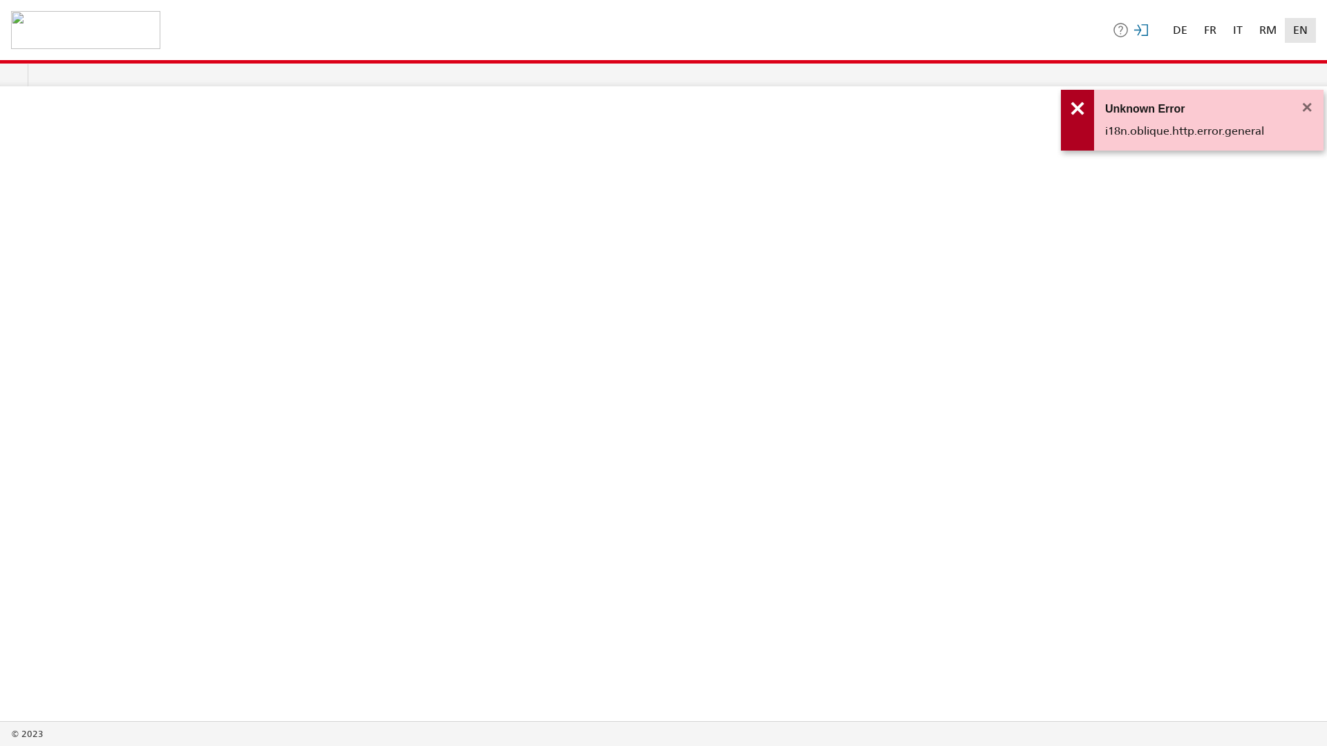  I want to click on 'EN', so click(1299, 30).